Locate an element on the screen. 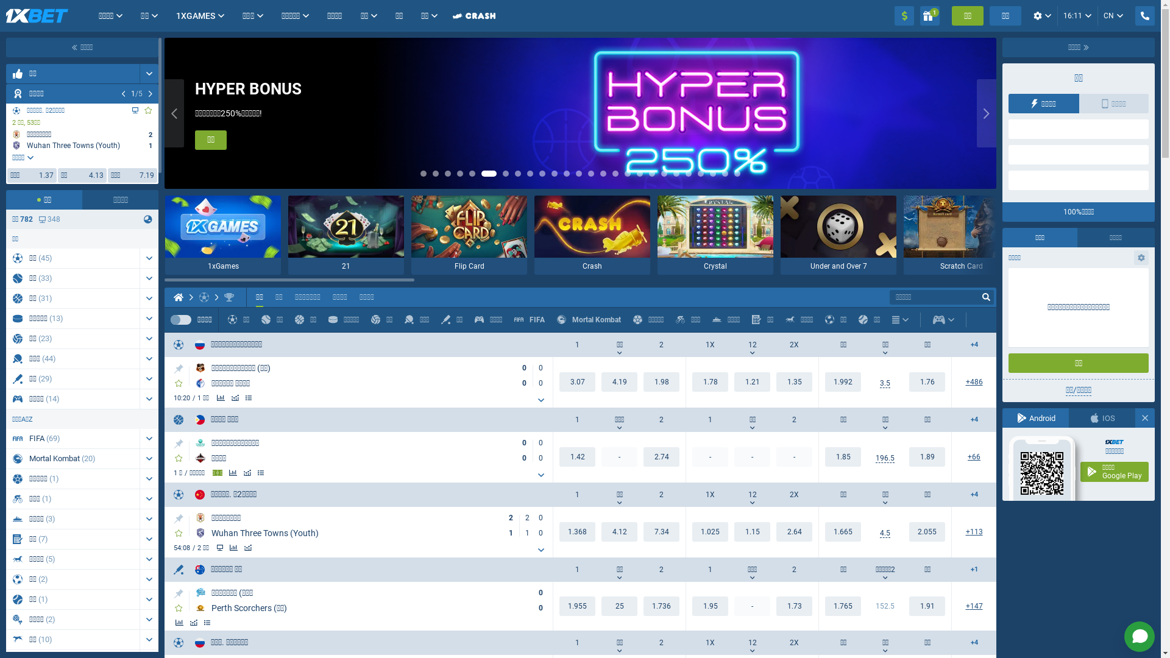 The image size is (1170, 658). '2.74' is located at coordinates (661, 456).